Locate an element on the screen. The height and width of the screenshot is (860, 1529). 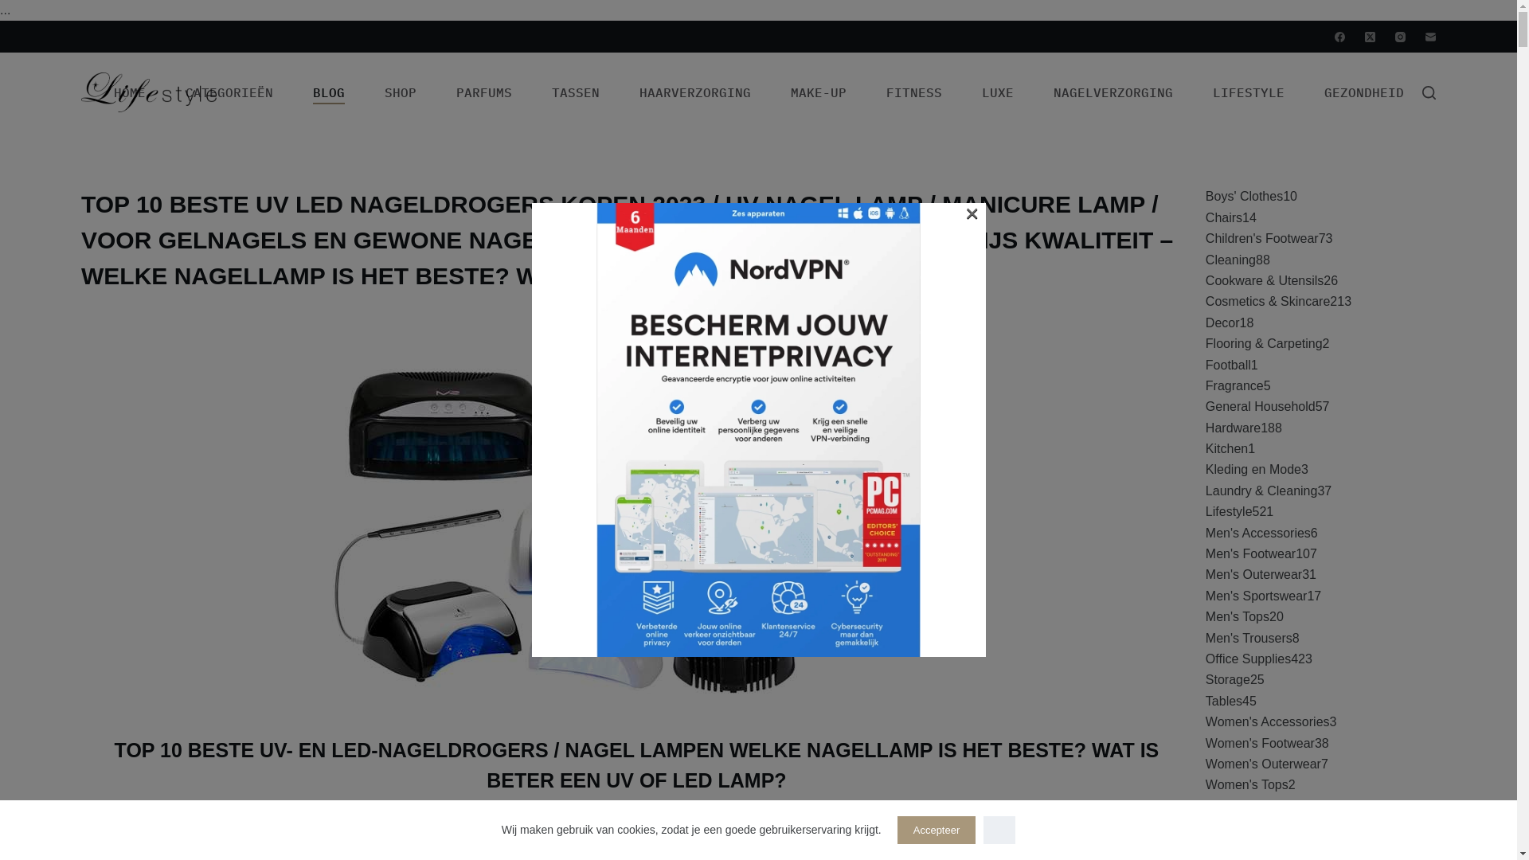
'NAGELVERZORGING' is located at coordinates (1112, 92).